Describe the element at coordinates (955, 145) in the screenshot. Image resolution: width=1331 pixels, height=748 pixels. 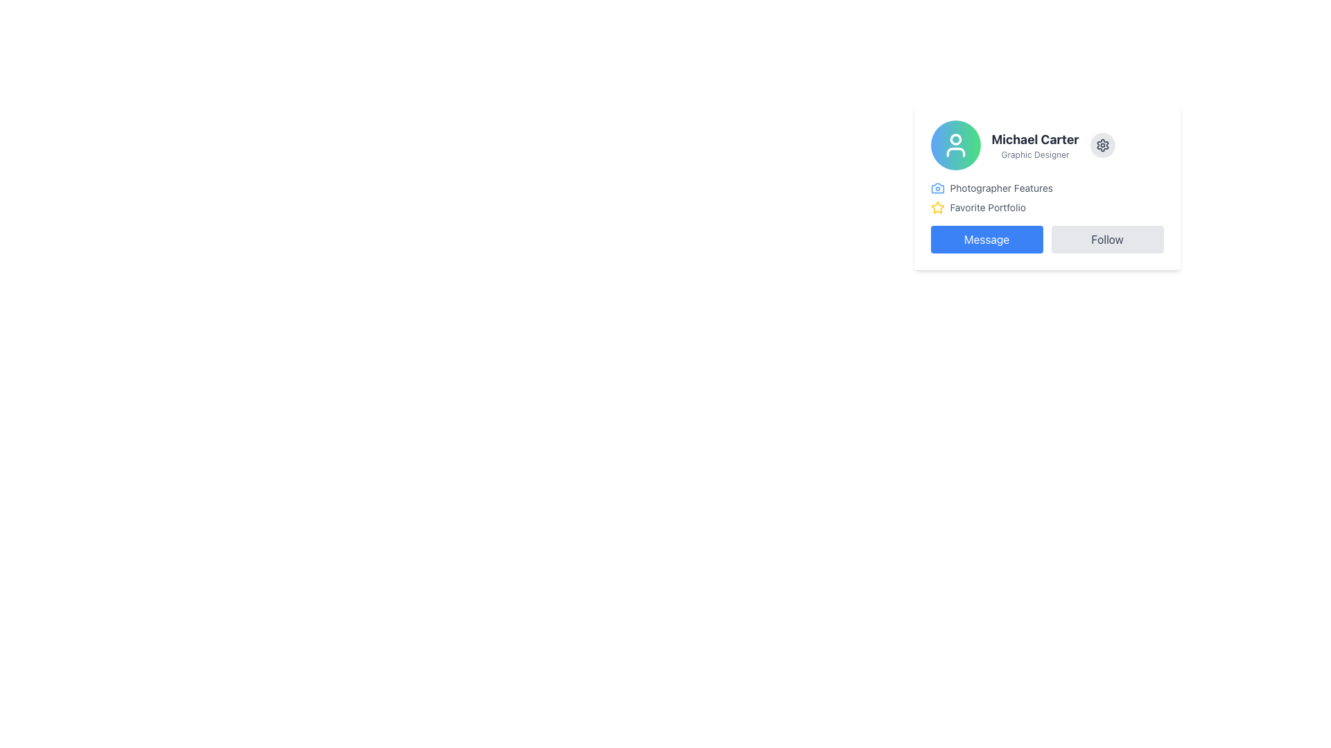
I see `the user profile icon located in the top-left corner of the user information card, which is a circular icon with a gradient background and a white human figure outline` at that location.